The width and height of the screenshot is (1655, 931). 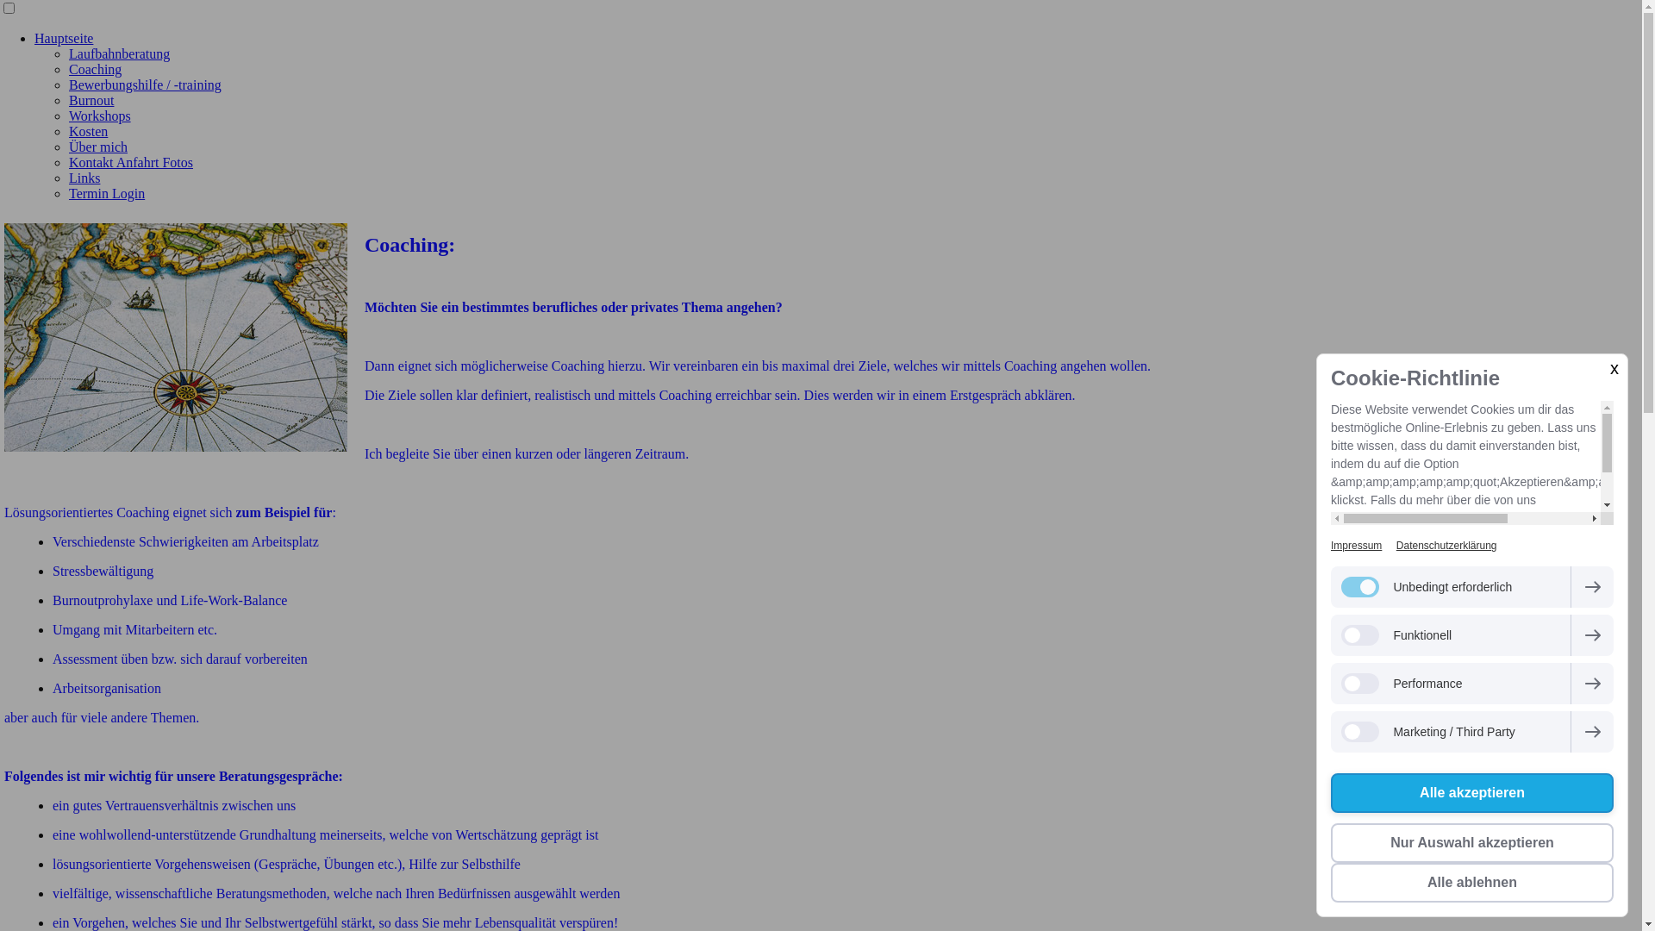 What do you see at coordinates (90, 100) in the screenshot?
I see `'Burnout'` at bounding box center [90, 100].